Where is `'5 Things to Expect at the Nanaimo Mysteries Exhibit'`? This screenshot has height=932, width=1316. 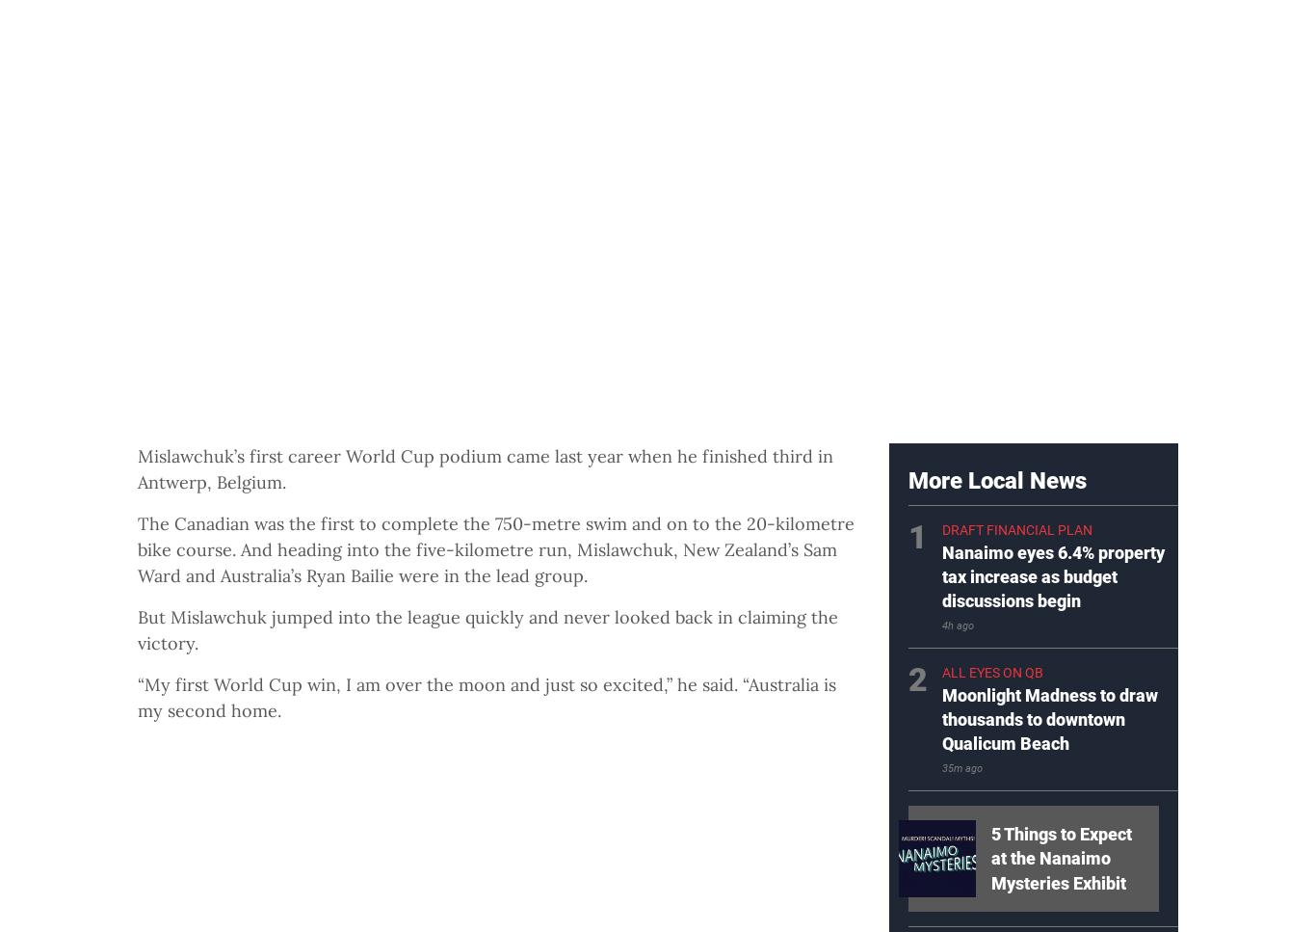 '5 Things to Expect at the Nanaimo Mysteries Exhibit' is located at coordinates (1060, 857).